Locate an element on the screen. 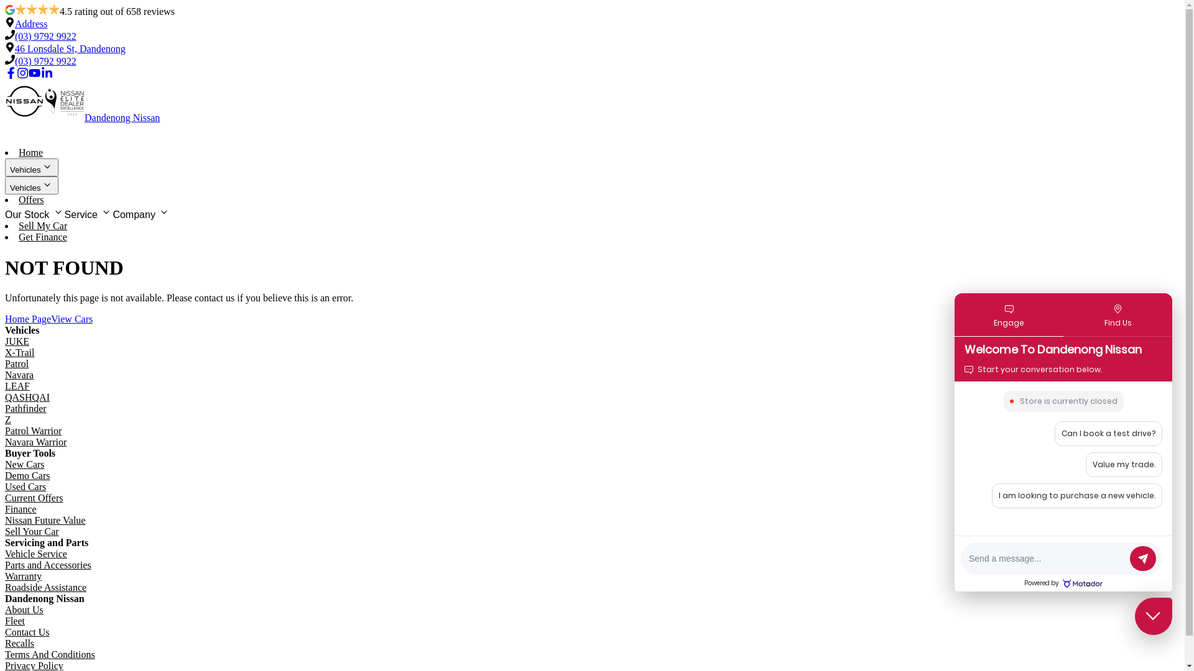 The width and height of the screenshot is (1194, 671). 'Terms And Conditions' is located at coordinates (50, 654).